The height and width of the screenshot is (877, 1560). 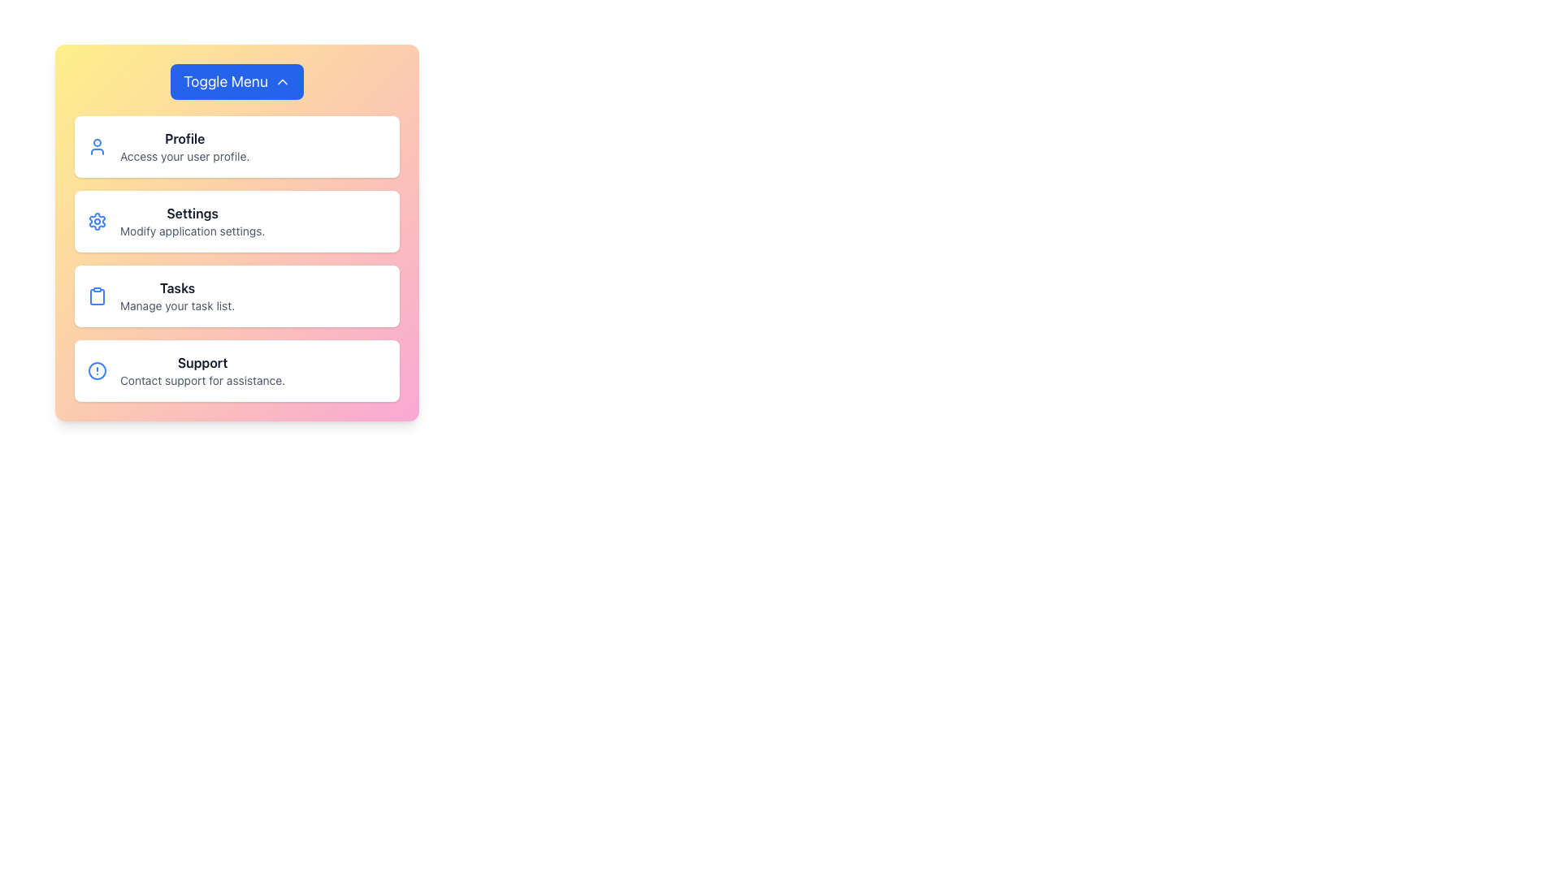 I want to click on the alert icon located to the left of the text 'Contact support for assistance' under the 'Support' option at the bottom of the card, so click(x=97, y=370).